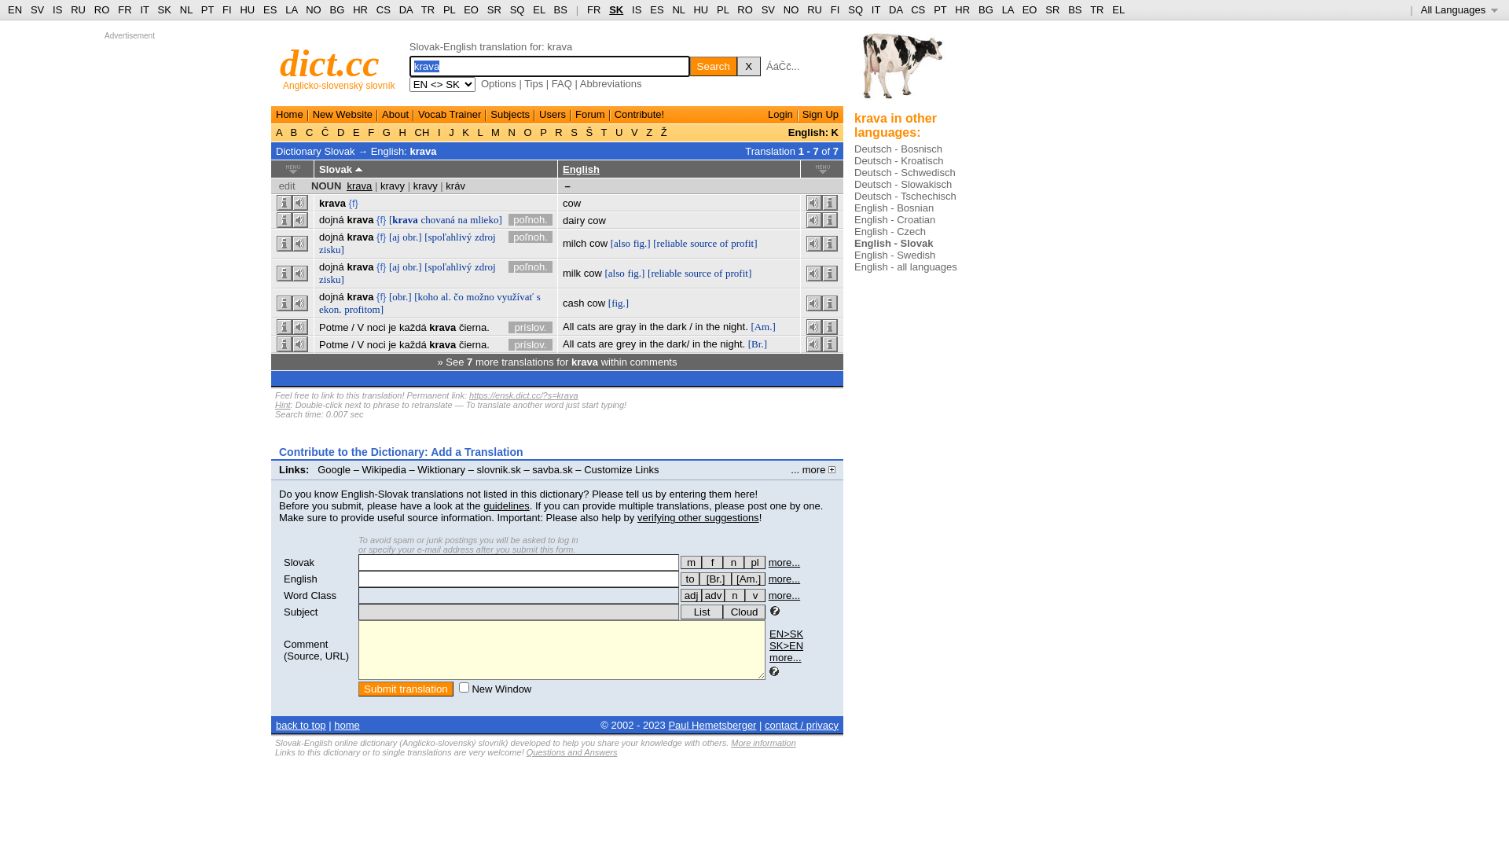 The image size is (1509, 849). Describe the element at coordinates (585, 343) in the screenshot. I see `'cats'` at that location.